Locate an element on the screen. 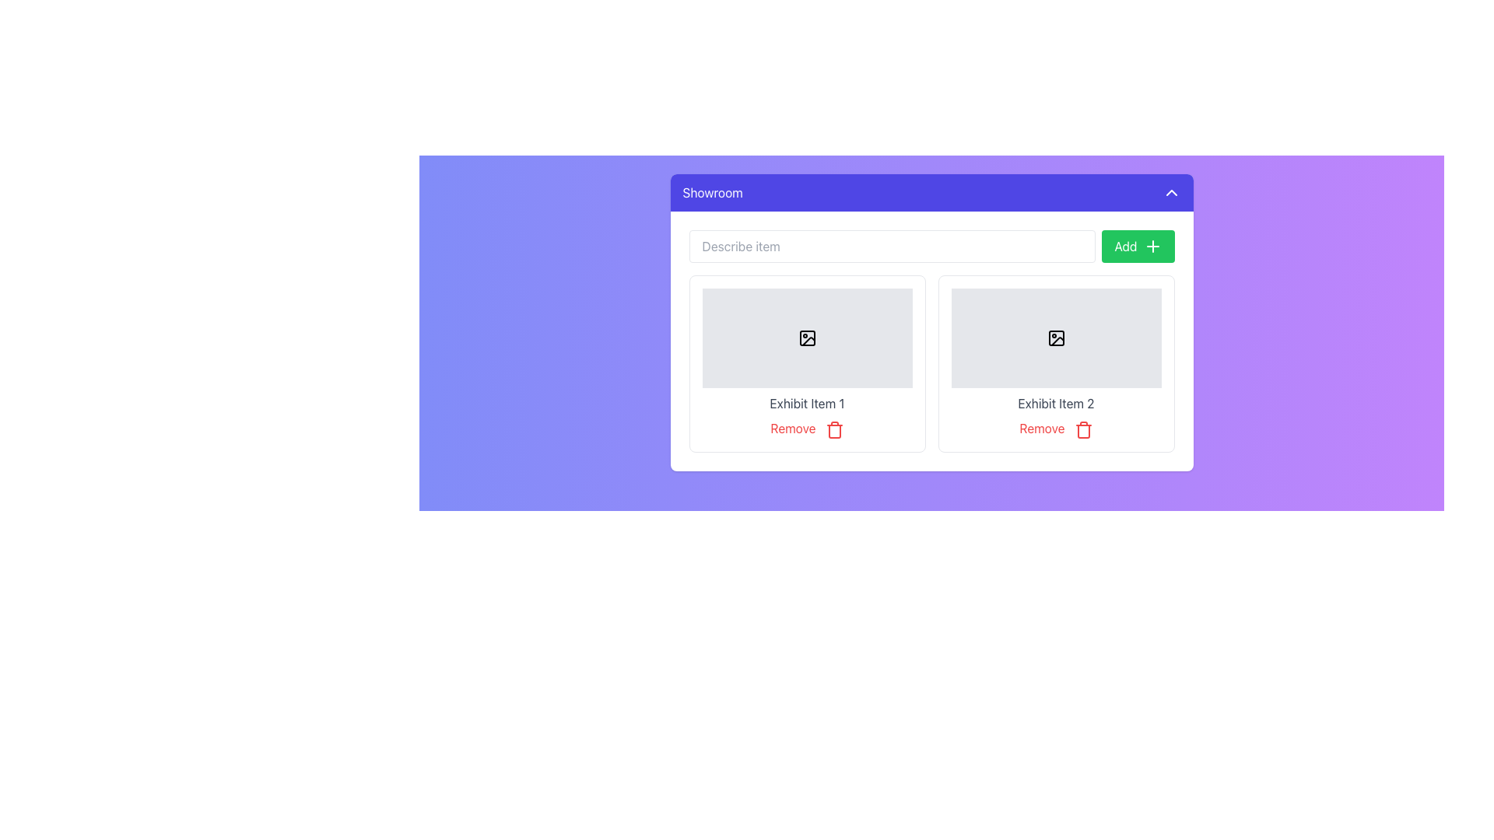 This screenshot has height=840, width=1494. the Image Placeholder Section, which is a gray rectangular area with a light gray background and an image placeholder icon, located within the card labeled 'Exhibit Item 1' is located at coordinates (807, 338).